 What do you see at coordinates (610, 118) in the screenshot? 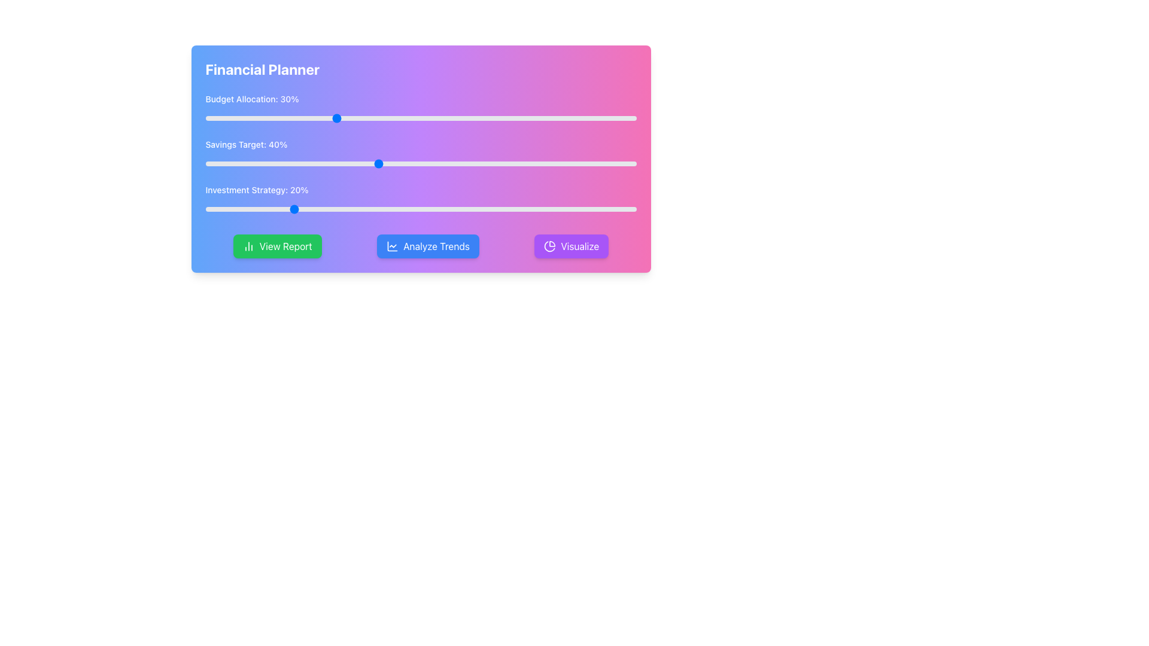
I see `the slider value` at bounding box center [610, 118].